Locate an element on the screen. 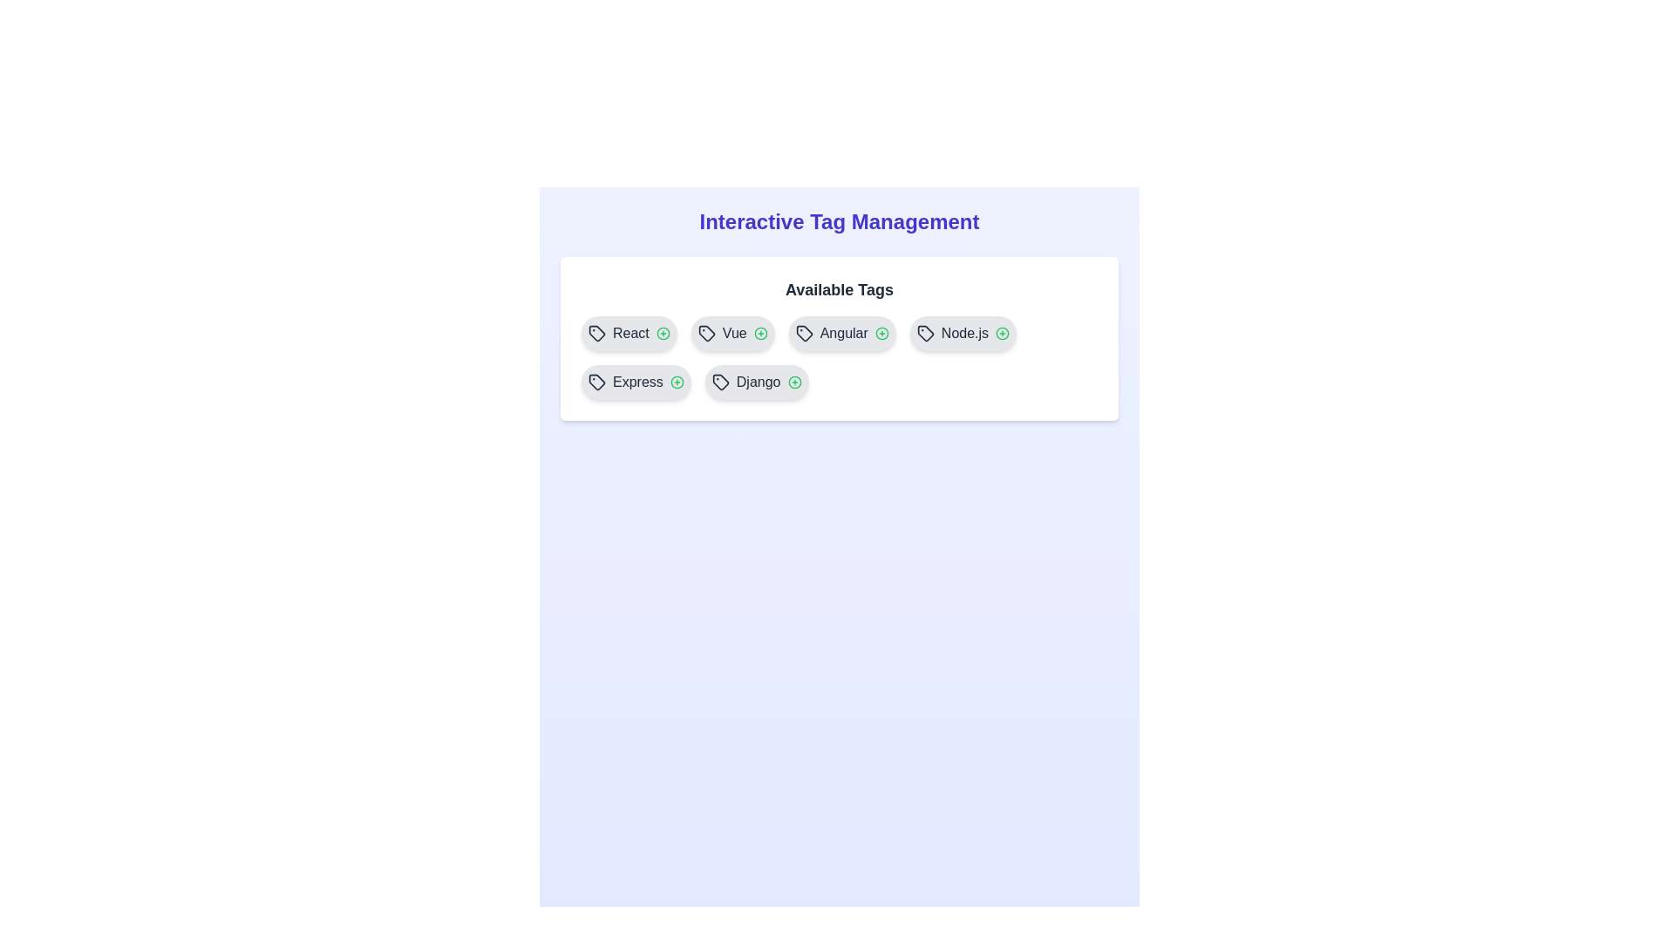 This screenshot has width=1674, height=941. the SVG Circle Component representing the 'Vue' tag located beneath 'Available Tags' is located at coordinates (760, 333).